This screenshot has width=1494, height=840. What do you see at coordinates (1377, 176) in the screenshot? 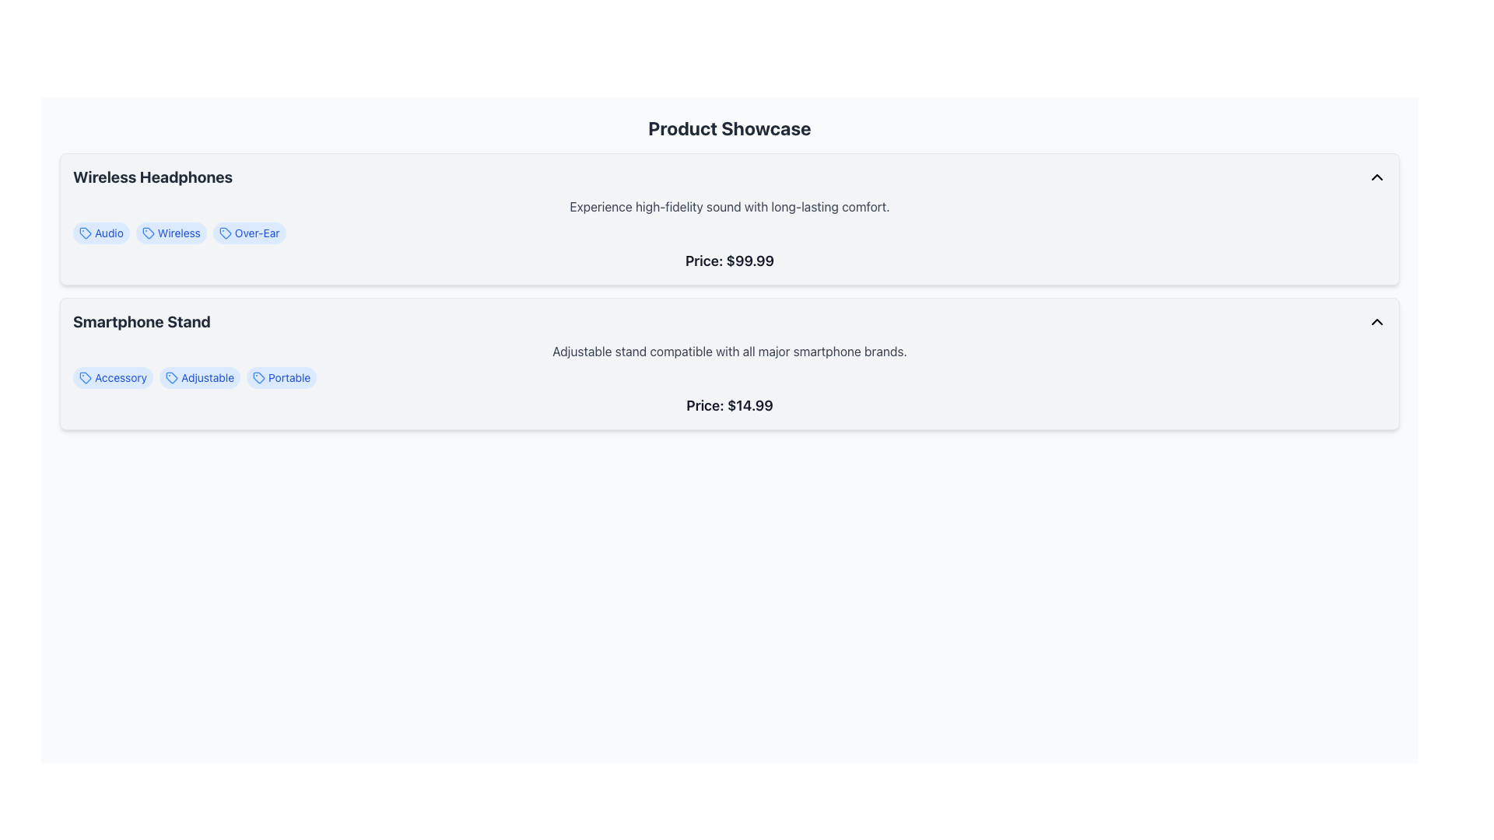
I see `the icon located in the upper-right corner of the 'Wireless Headphones' section header` at bounding box center [1377, 176].